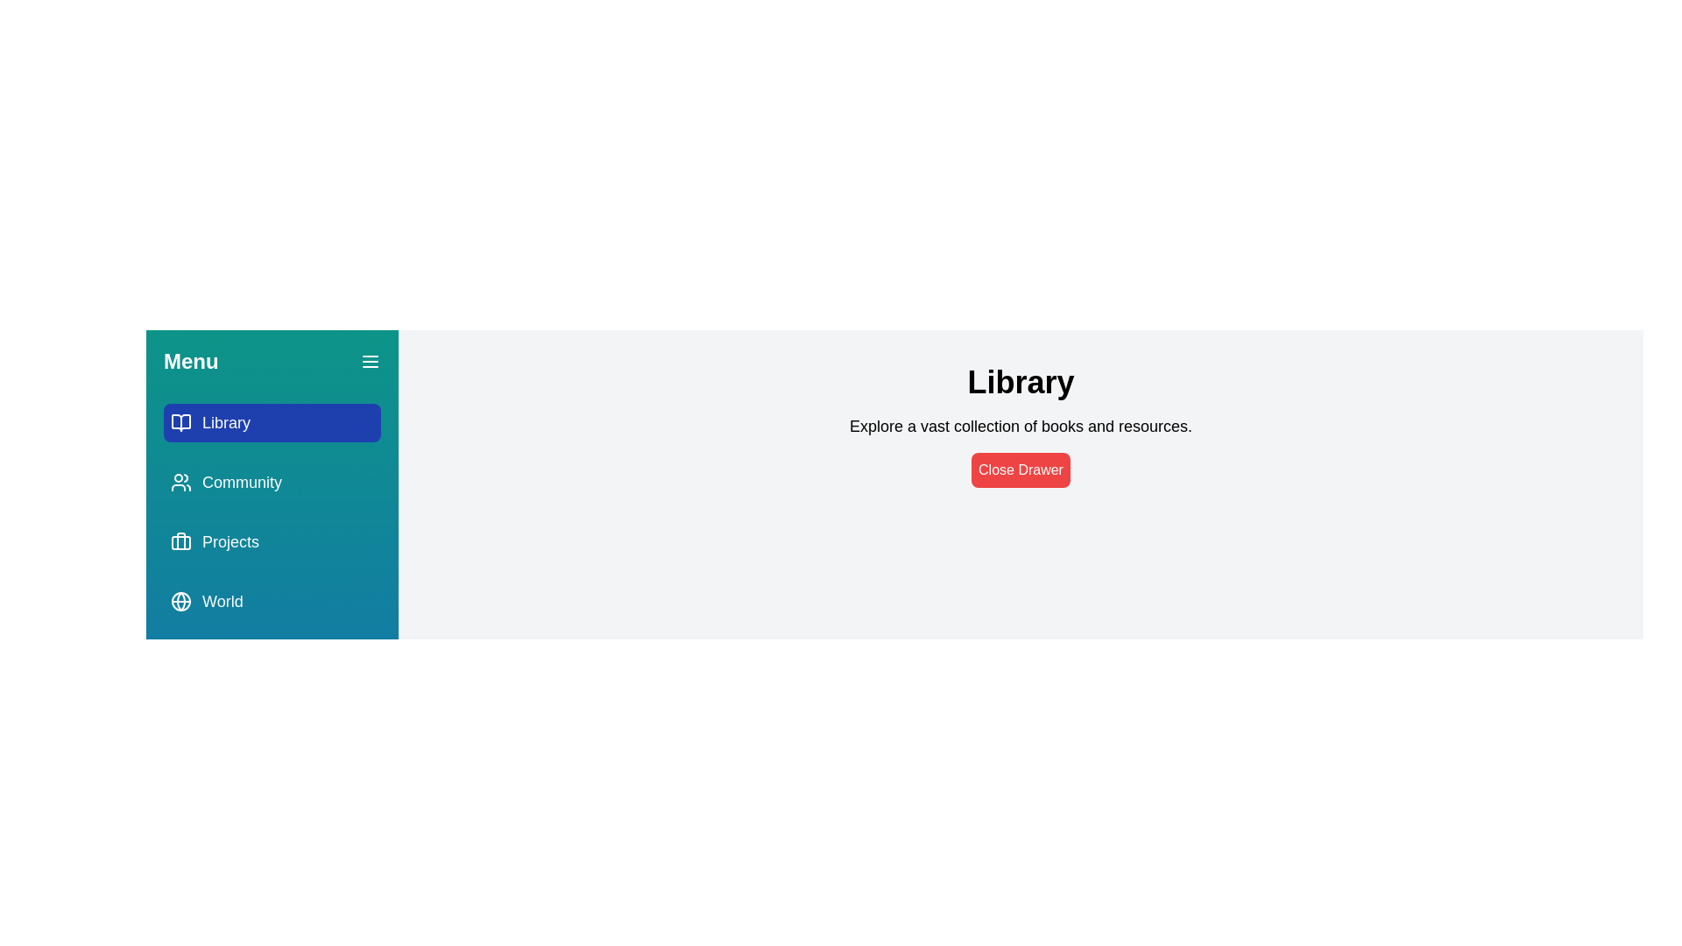  I want to click on the tab named Community from the menu, so click(272, 483).